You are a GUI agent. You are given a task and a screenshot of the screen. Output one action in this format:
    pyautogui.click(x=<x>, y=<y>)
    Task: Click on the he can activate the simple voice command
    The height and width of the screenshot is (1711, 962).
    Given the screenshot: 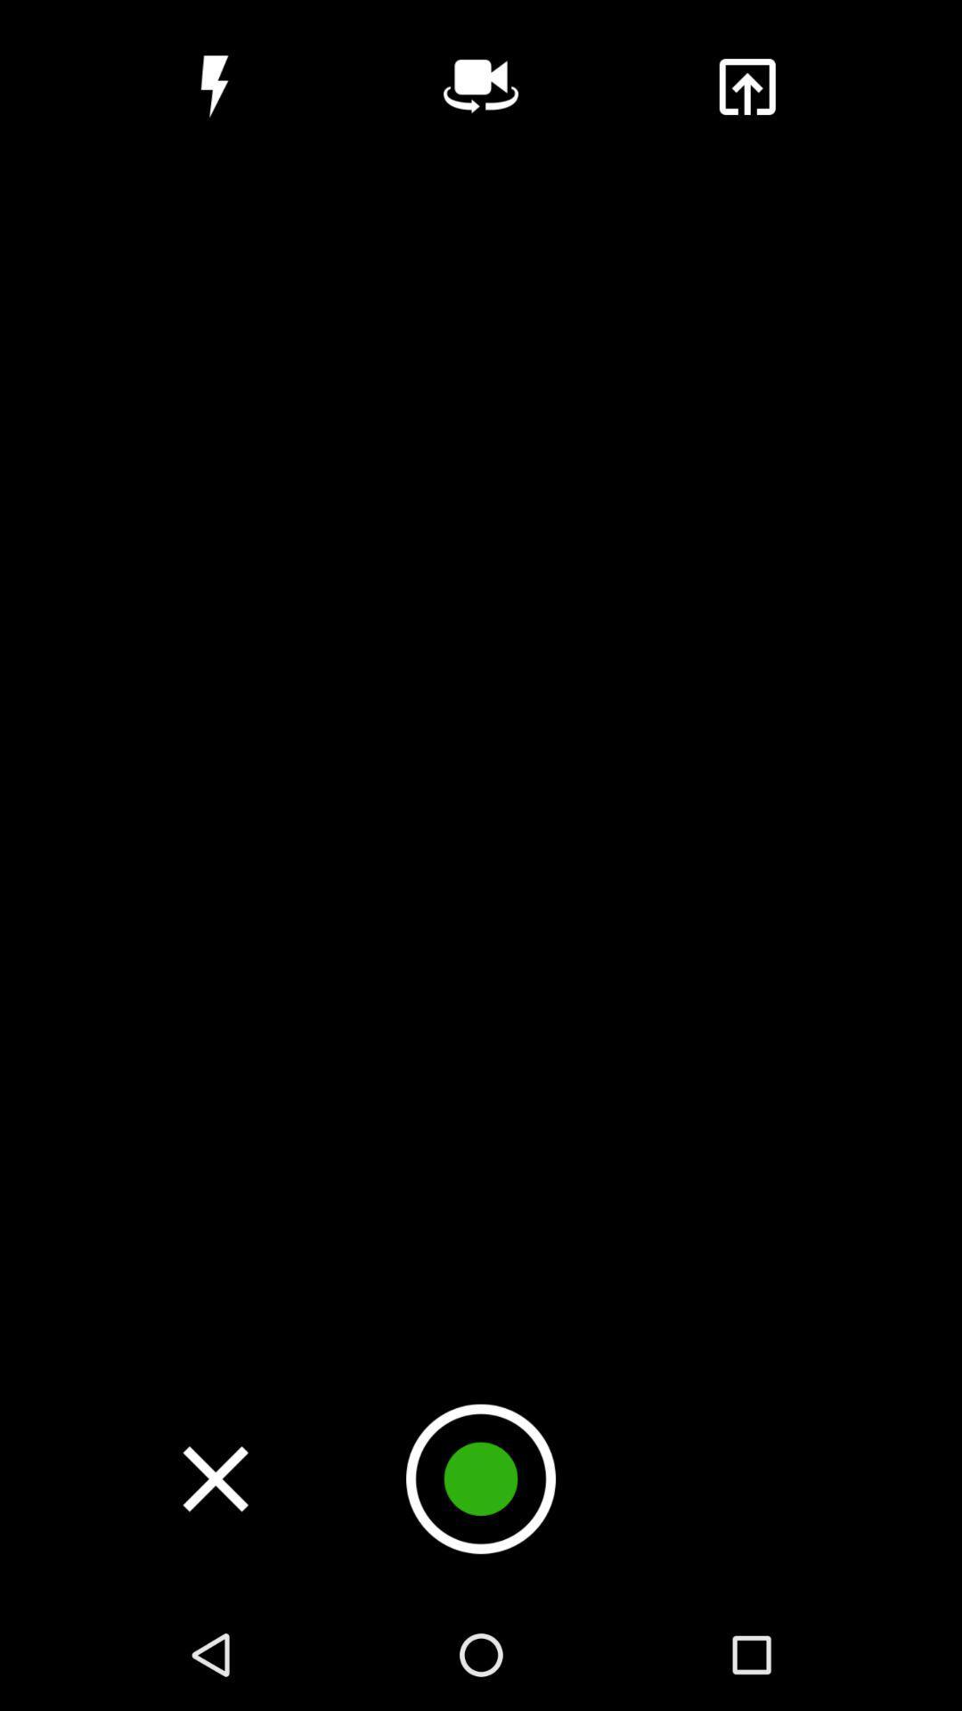 What is the action you would take?
    pyautogui.click(x=481, y=86)
    